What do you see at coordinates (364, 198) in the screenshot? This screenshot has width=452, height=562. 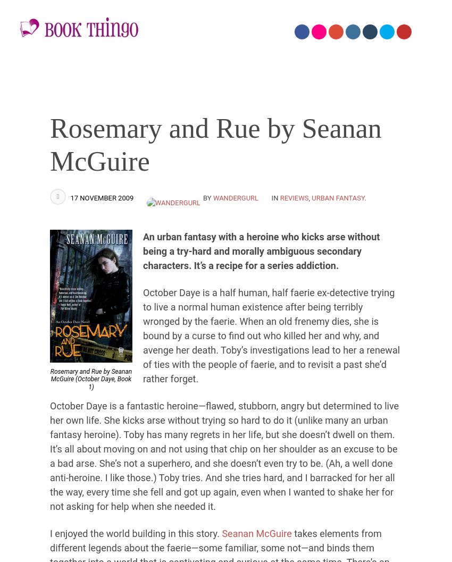 I see `'.'` at bounding box center [364, 198].